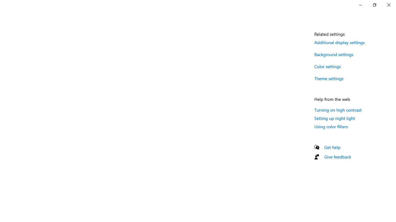 The width and height of the screenshot is (396, 222). I want to click on 'Get help', so click(332, 147).